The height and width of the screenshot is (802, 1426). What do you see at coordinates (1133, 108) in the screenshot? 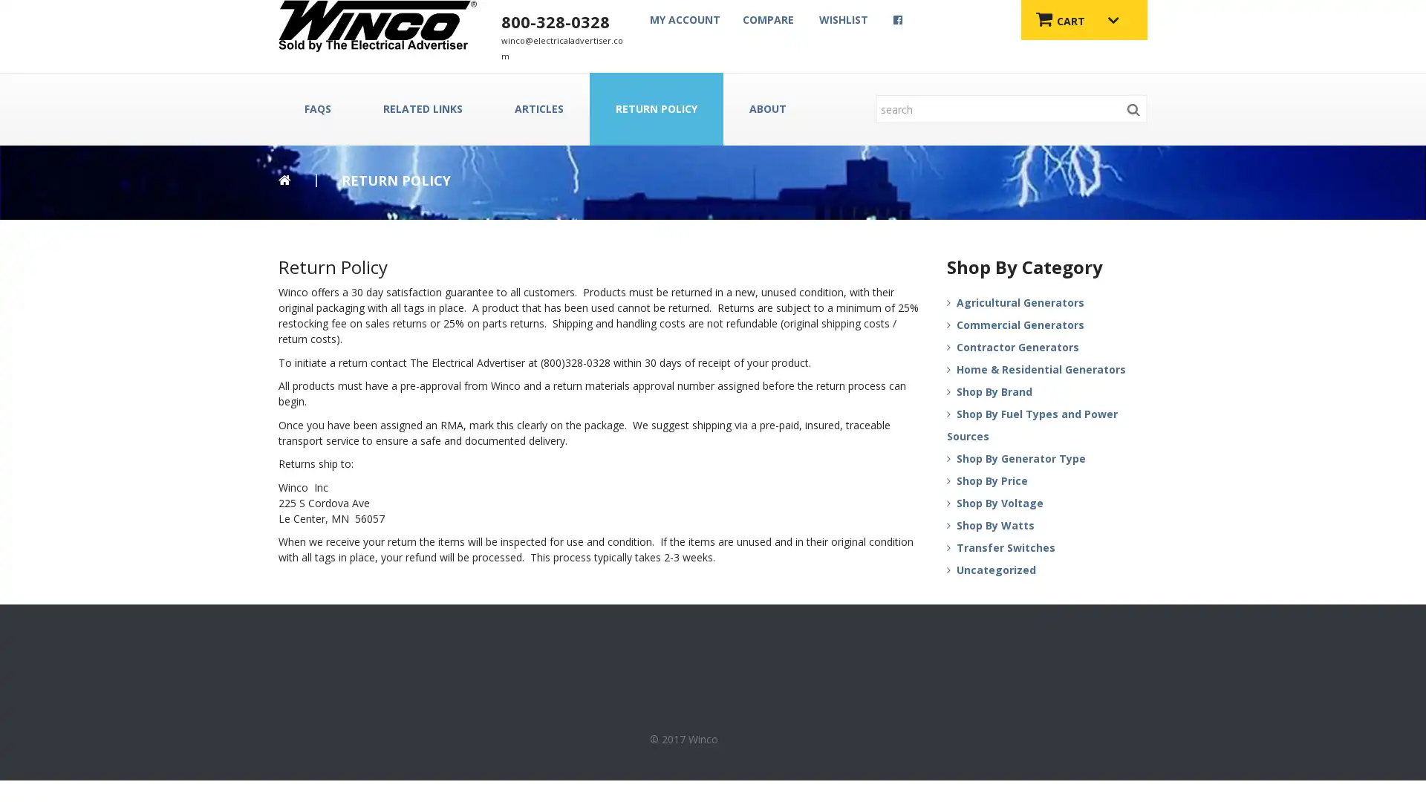
I see `Go` at bounding box center [1133, 108].